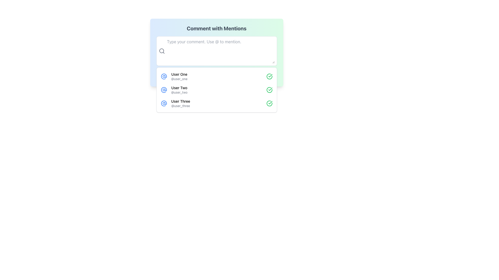 Image resolution: width=499 pixels, height=280 pixels. I want to click on the blue SVG '@' icon next to 'User Two' in the user list, so click(163, 90).